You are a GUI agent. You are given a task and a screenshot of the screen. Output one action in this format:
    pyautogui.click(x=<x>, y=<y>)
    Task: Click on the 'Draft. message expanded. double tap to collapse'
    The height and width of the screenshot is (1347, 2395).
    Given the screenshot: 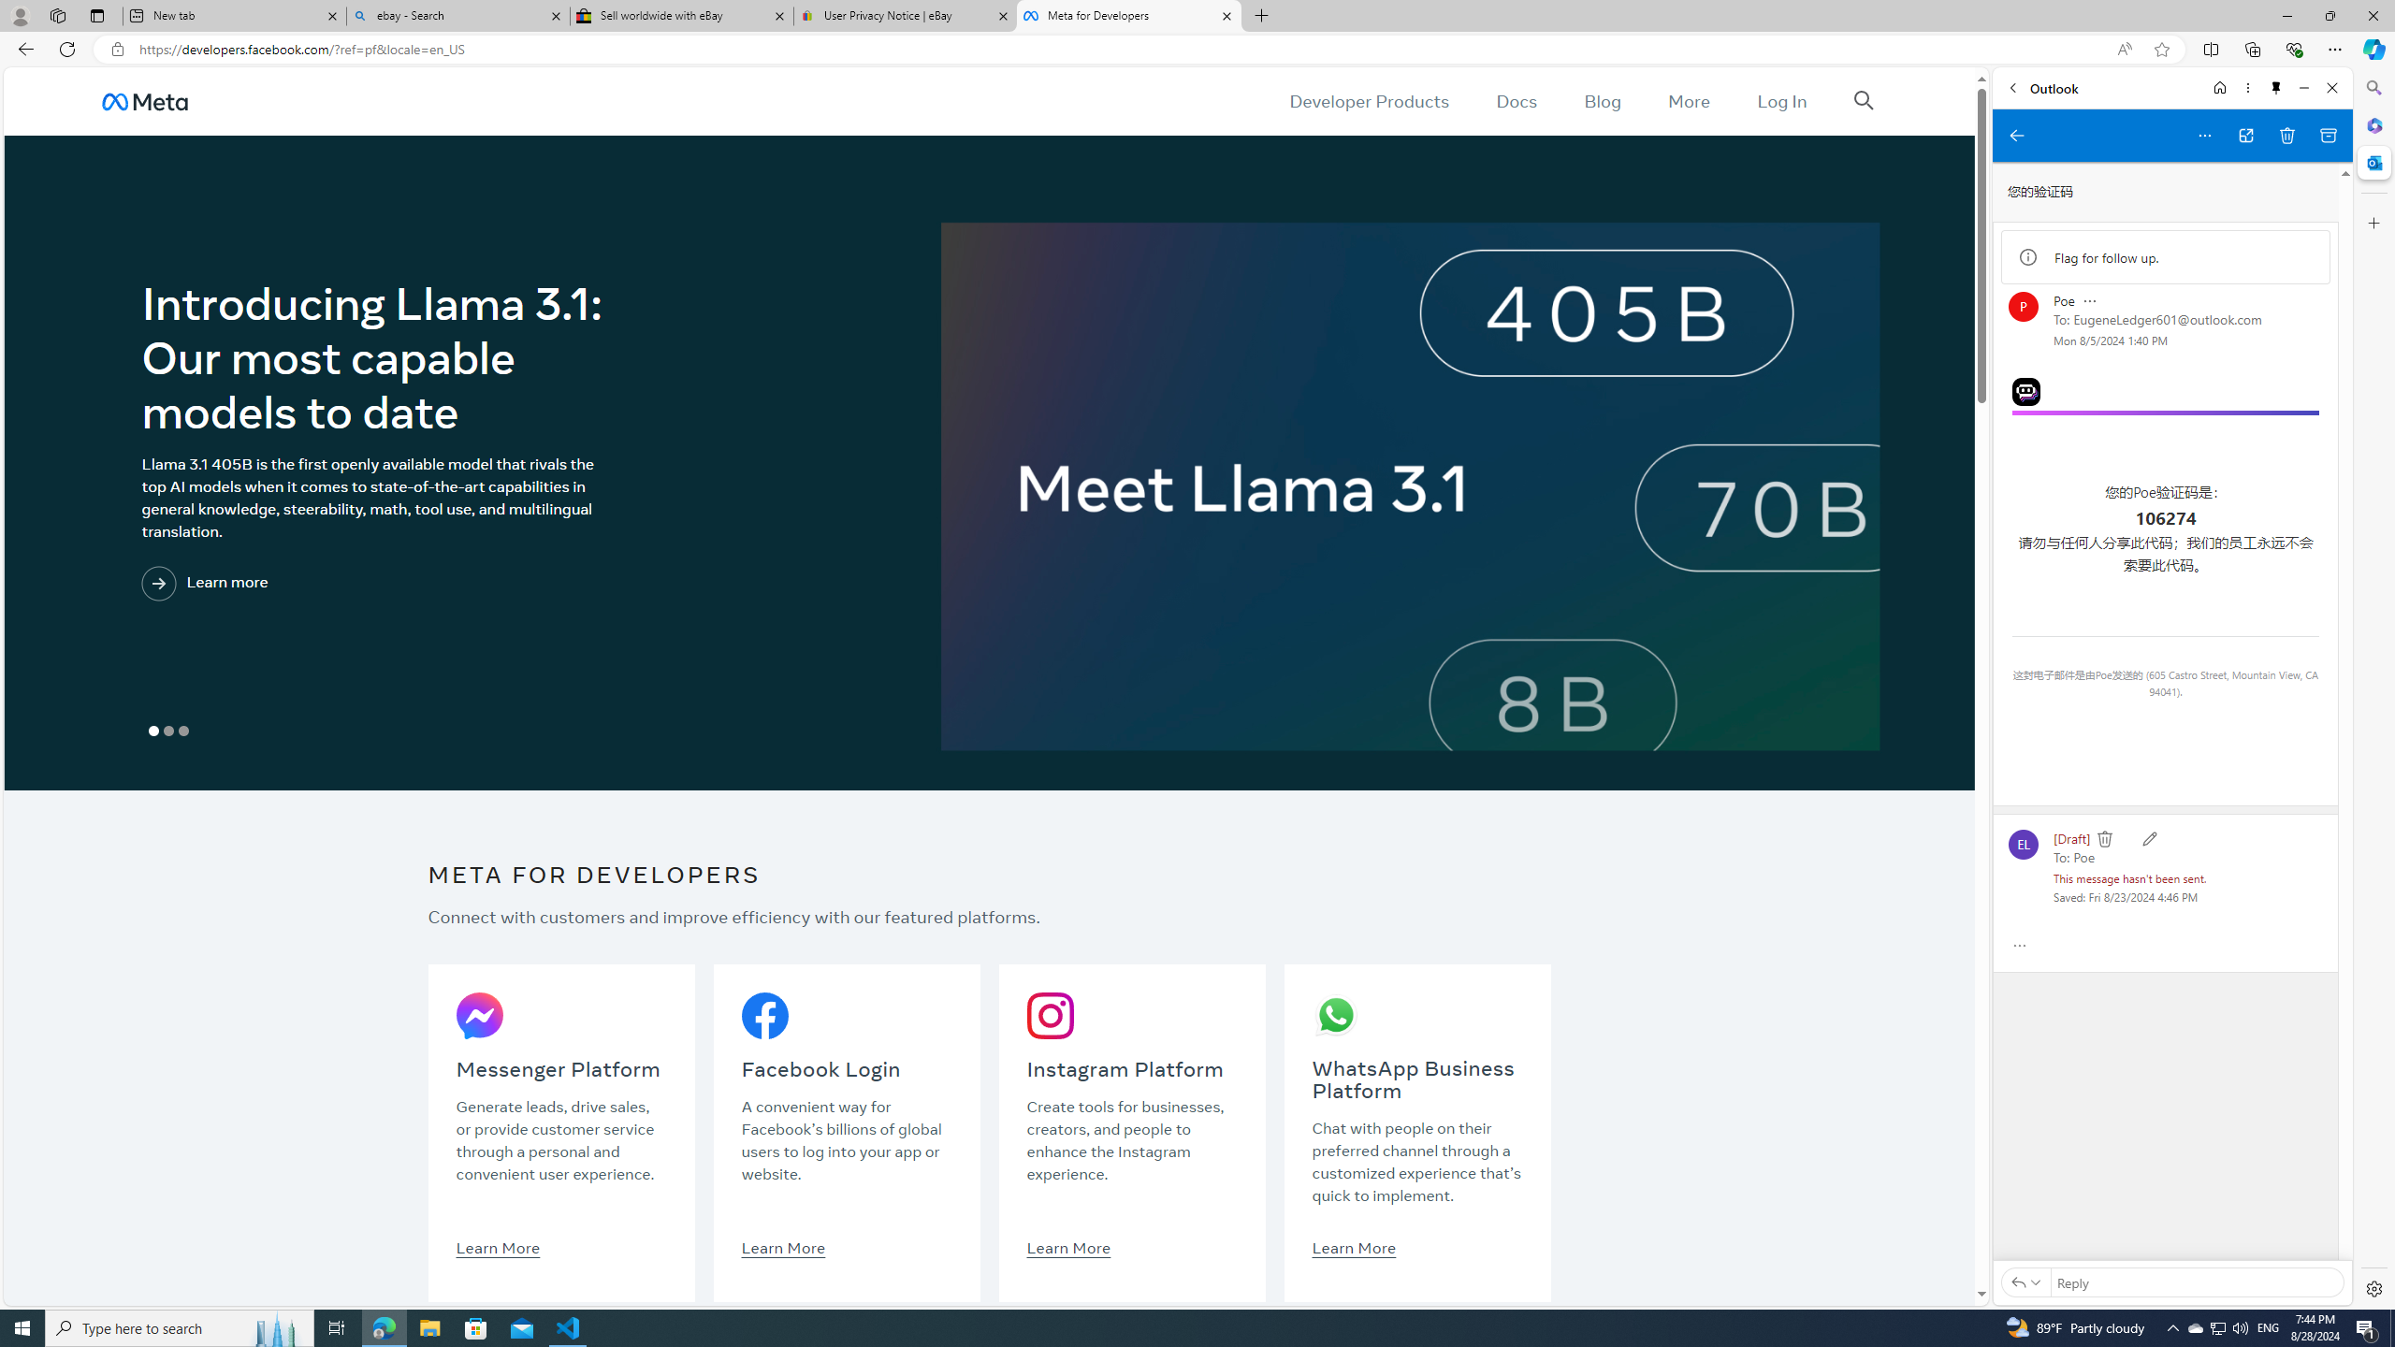 What is the action you would take?
    pyautogui.click(x=2070, y=837)
    